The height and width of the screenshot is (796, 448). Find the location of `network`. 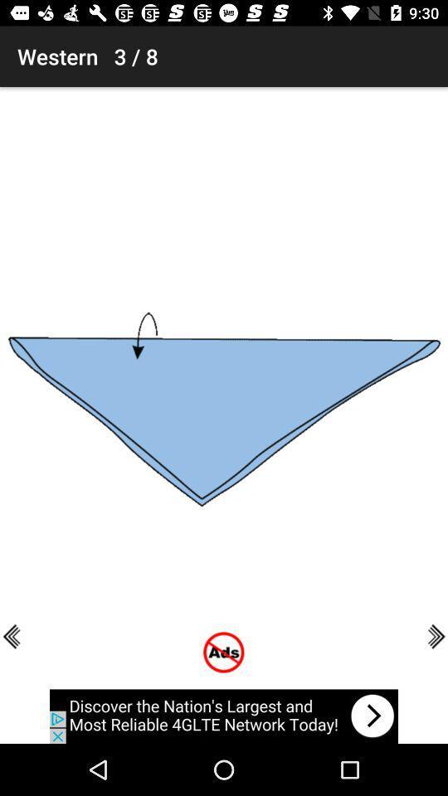

network is located at coordinates (224, 716).